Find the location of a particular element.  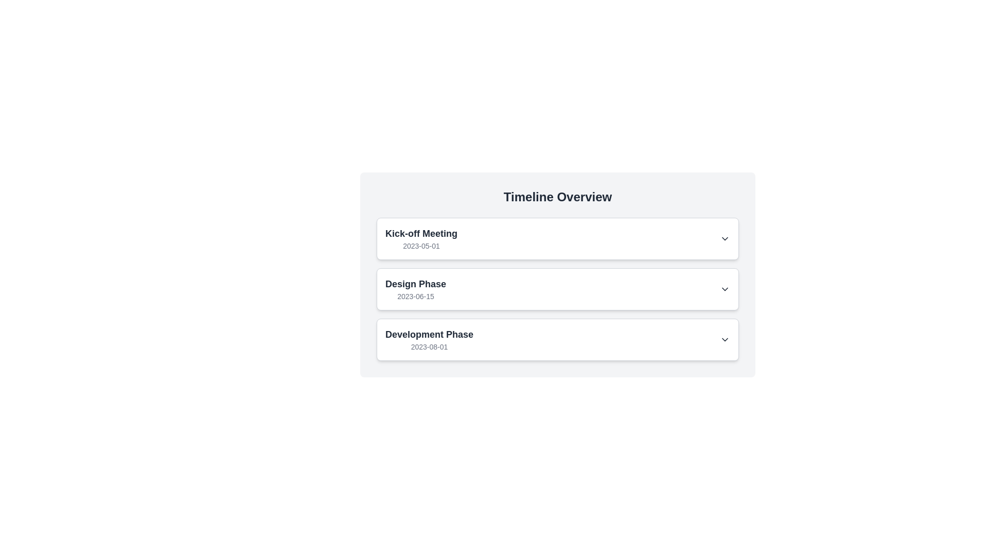

the chevron dropdown indicator icon located at the far right end of the 'Development Phase' section is located at coordinates (725, 339).